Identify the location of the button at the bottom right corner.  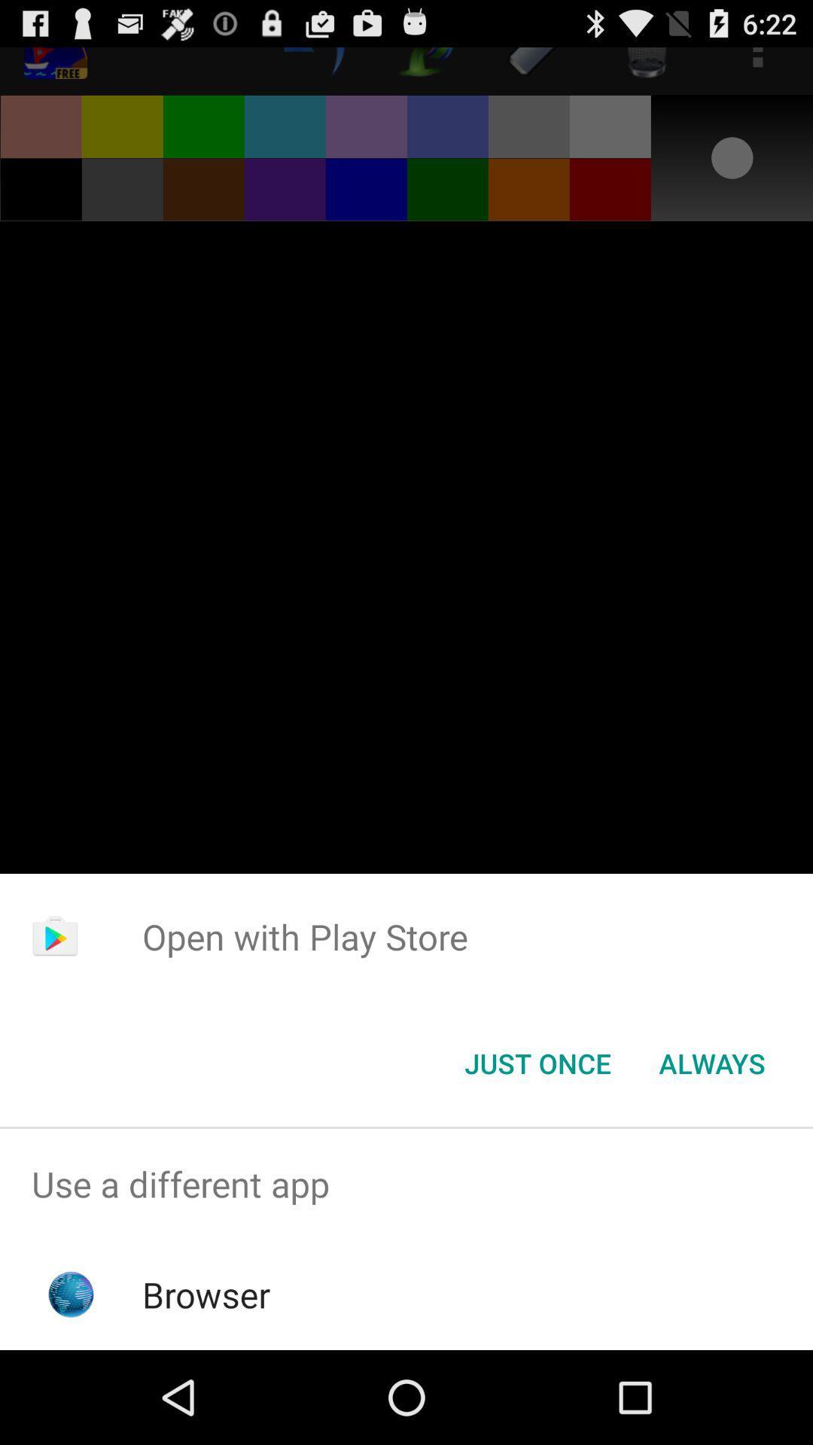
(711, 1062).